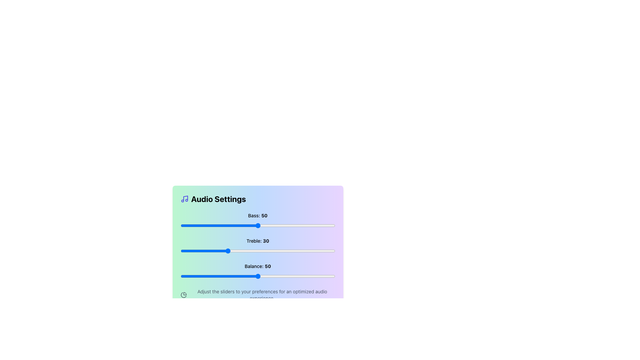  I want to click on the treble level, so click(192, 251).